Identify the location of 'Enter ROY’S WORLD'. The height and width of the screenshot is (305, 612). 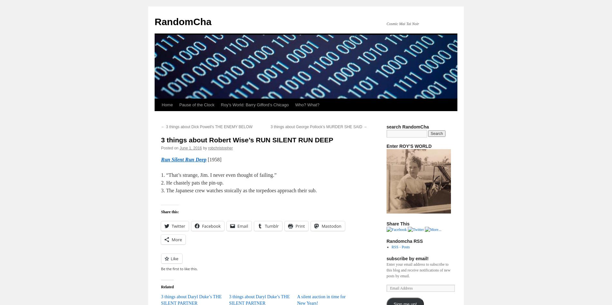
(408, 146).